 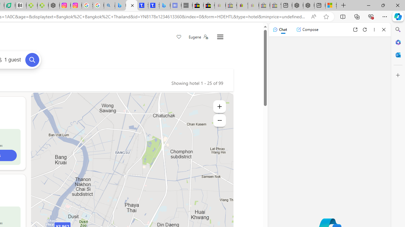 I want to click on 'Payments Terms of Use | eBay.com - Sleeping', so click(x=253, y=5).